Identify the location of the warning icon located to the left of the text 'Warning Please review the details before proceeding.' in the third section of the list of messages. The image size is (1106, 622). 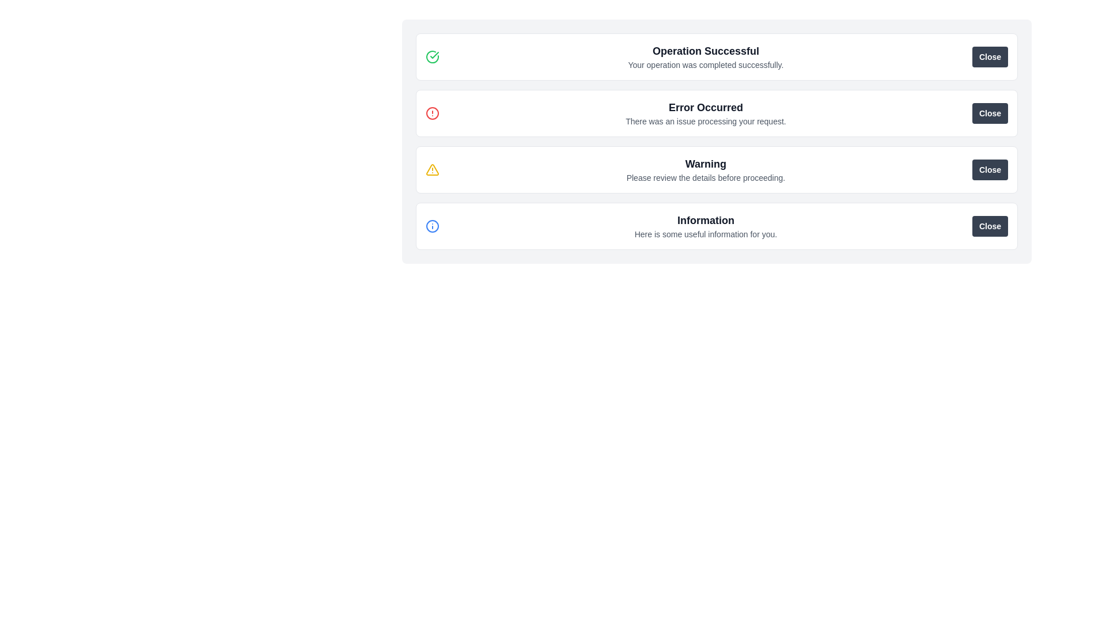
(431, 169).